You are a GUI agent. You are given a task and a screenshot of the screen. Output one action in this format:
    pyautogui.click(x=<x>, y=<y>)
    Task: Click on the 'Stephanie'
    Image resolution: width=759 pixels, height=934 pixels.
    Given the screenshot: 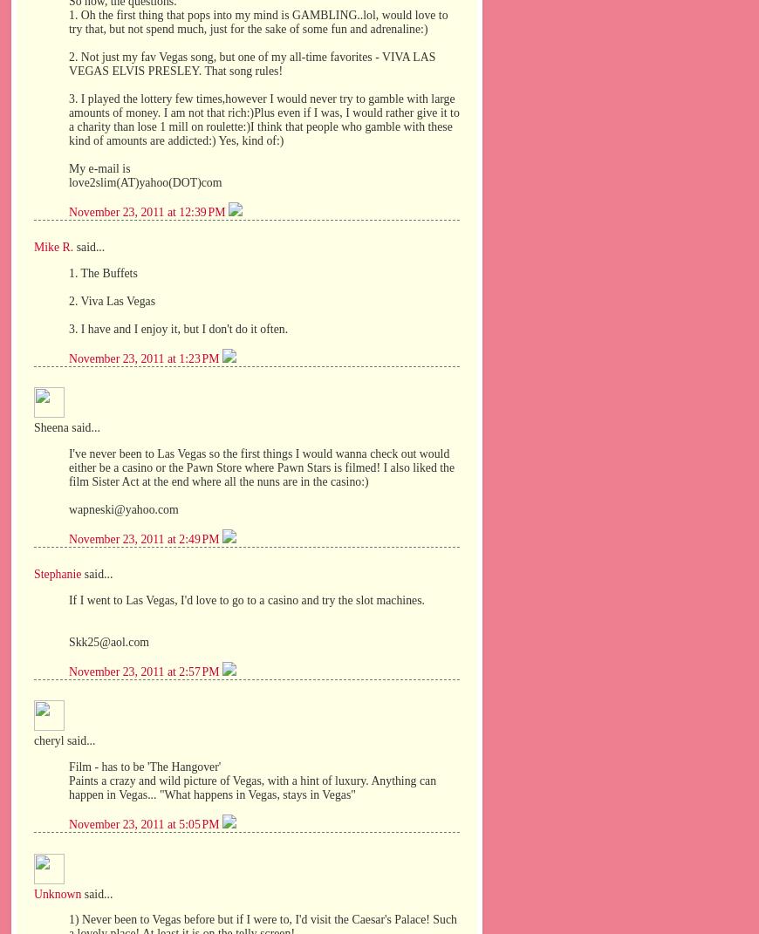 What is the action you would take?
    pyautogui.click(x=57, y=573)
    